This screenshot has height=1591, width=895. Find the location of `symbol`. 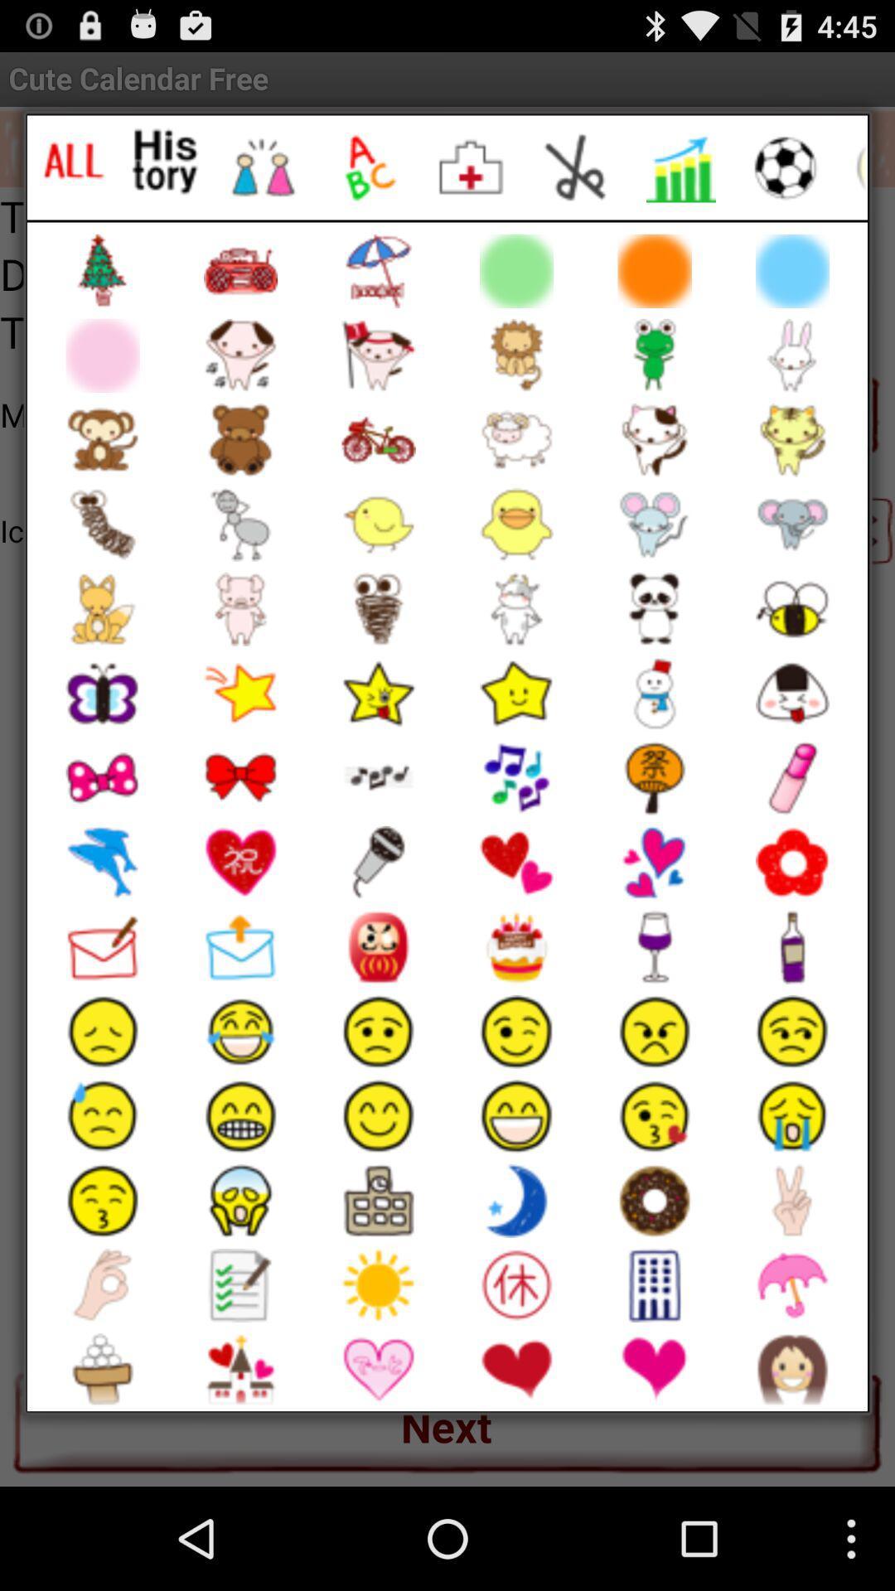

symbol is located at coordinates (262, 167).